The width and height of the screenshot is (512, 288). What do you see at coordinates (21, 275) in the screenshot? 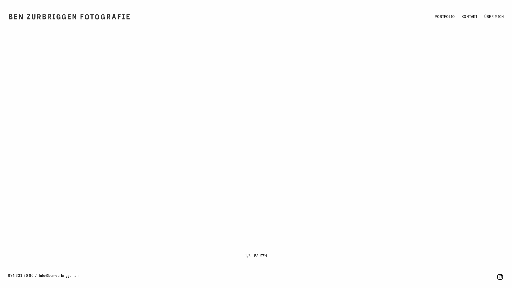
I see `'076 331 80 80'` at bounding box center [21, 275].